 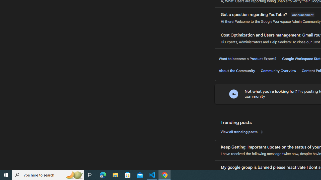 I want to click on 'View all trending posts', so click(x=242, y=132).